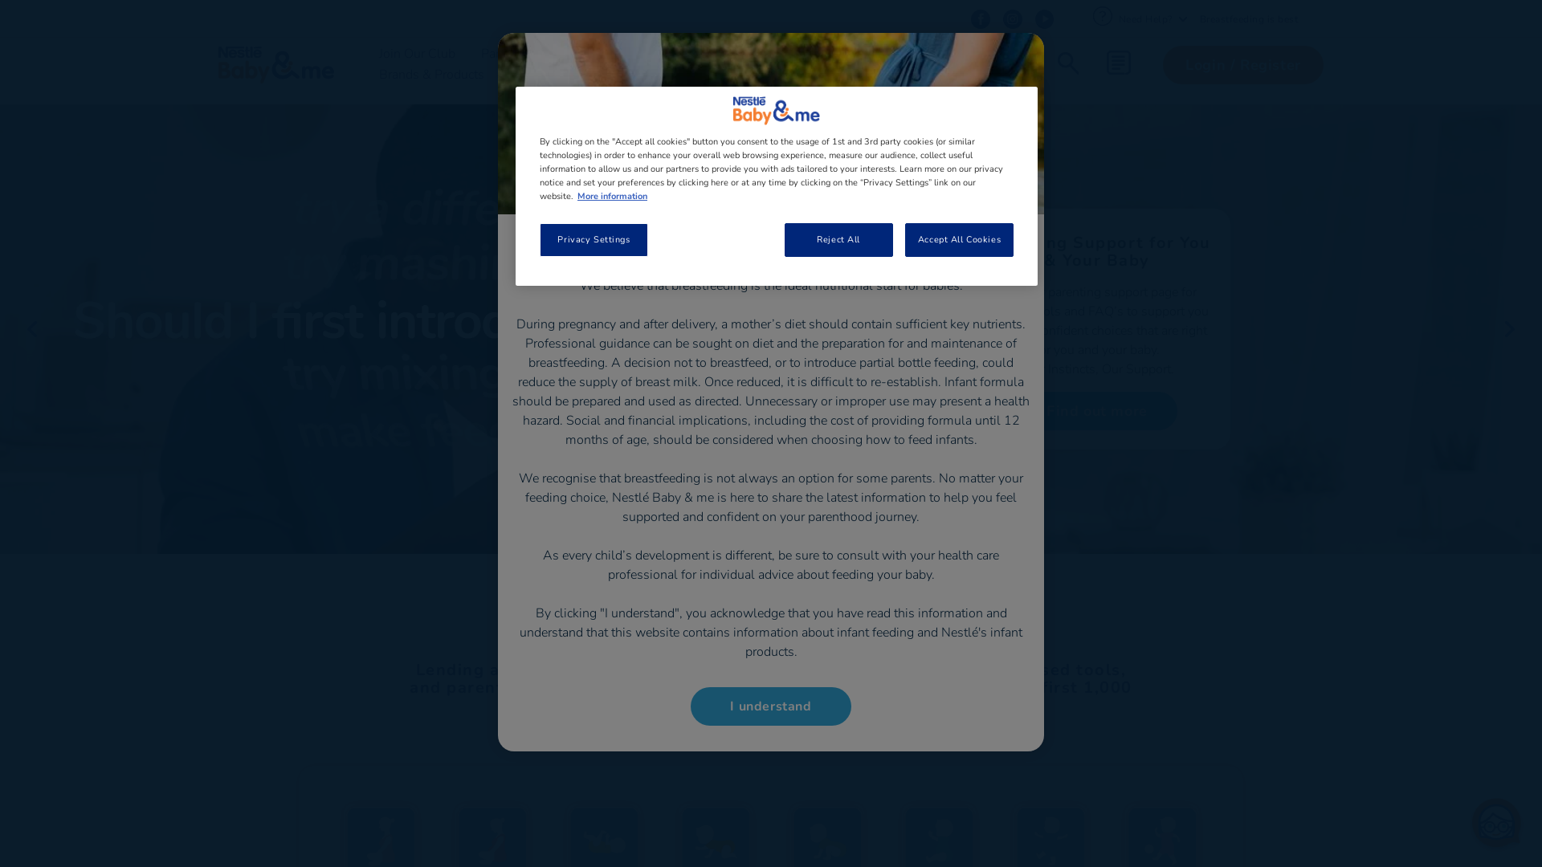 The width and height of the screenshot is (1542, 867). I want to click on '5', so click(797, 579).